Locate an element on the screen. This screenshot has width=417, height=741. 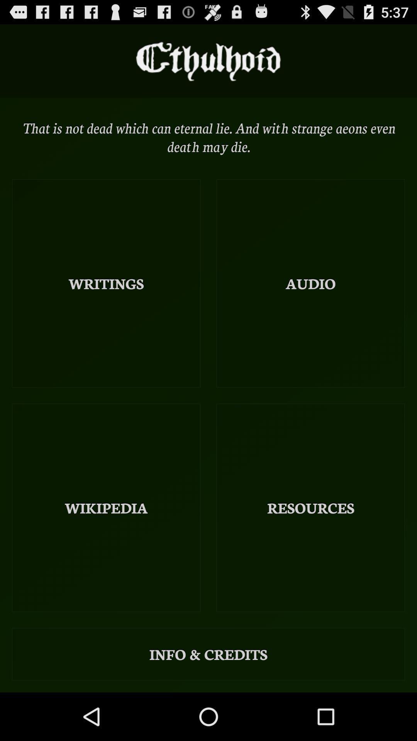
the item below the that is not is located at coordinates (106, 283).